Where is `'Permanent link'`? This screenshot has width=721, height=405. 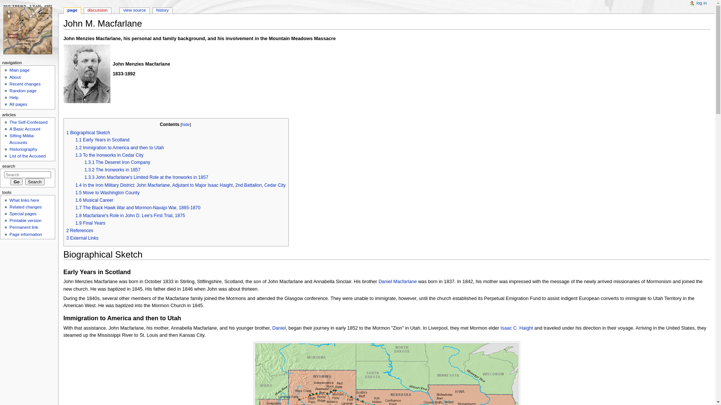 'Permanent link' is located at coordinates (23, 226).